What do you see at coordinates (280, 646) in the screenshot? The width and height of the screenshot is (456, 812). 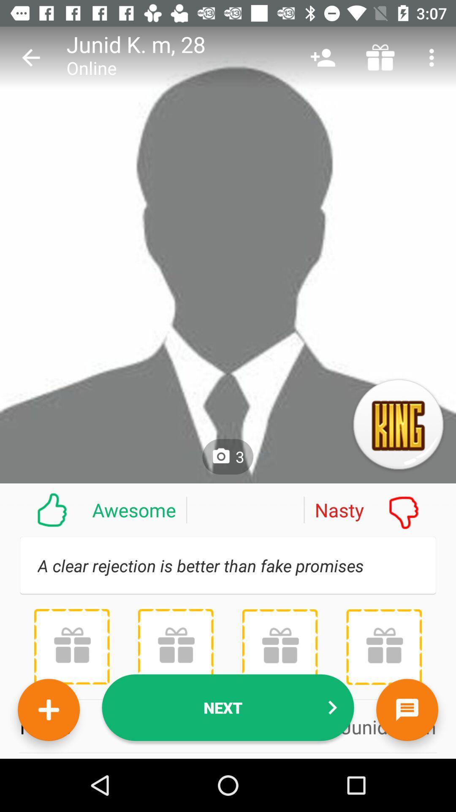 I see `send gift` at bounding box center [280, 646].